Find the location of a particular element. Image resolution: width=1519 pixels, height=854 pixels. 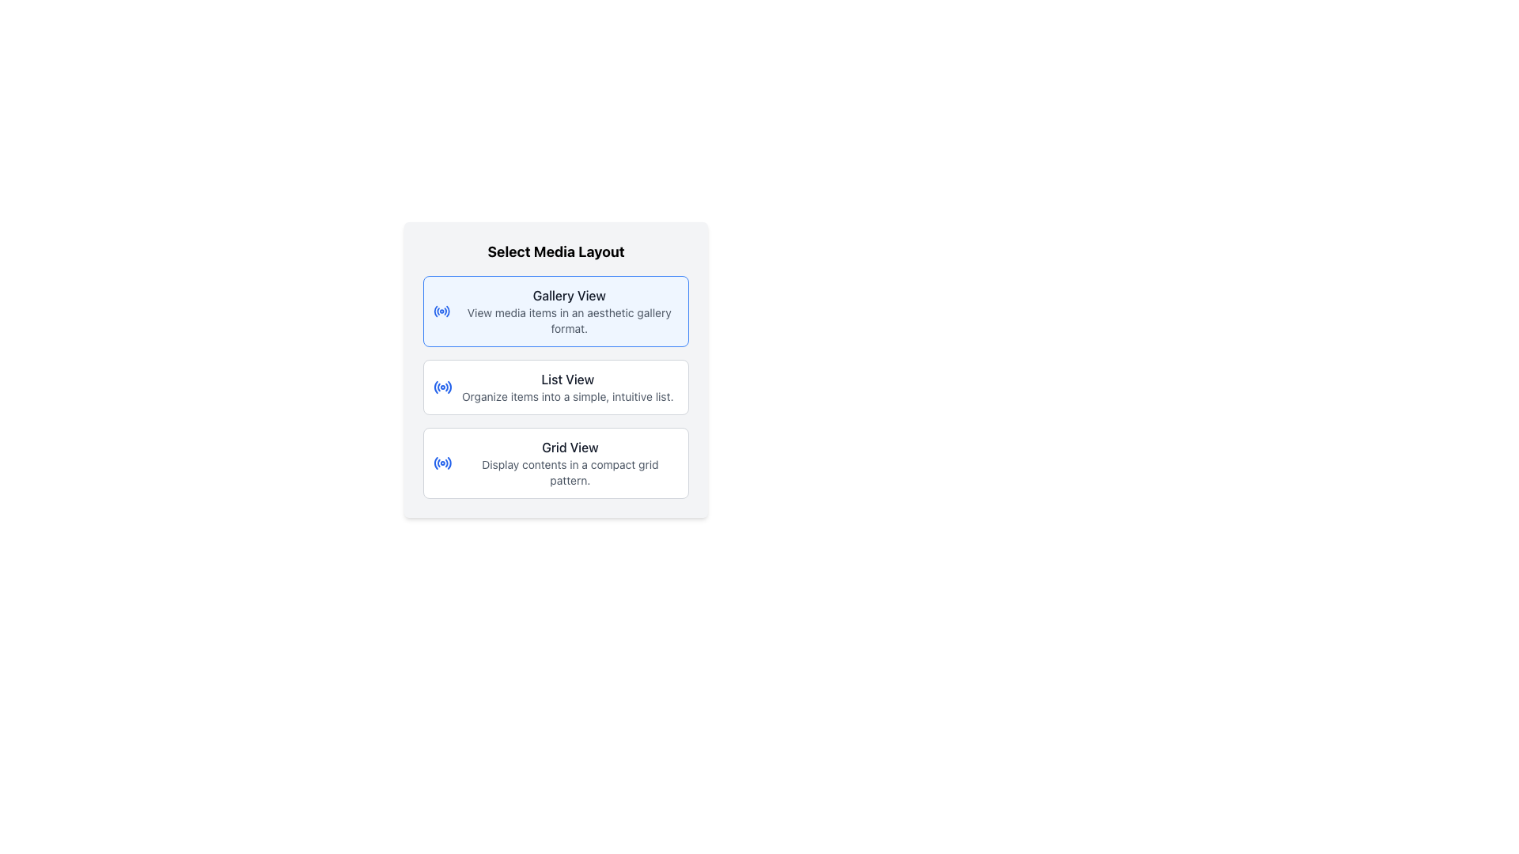

the decorative icon indicating the 'Grid View' layout option, positioned to the left of the 'Grid View' heading text is located at coordinates (442, 463).